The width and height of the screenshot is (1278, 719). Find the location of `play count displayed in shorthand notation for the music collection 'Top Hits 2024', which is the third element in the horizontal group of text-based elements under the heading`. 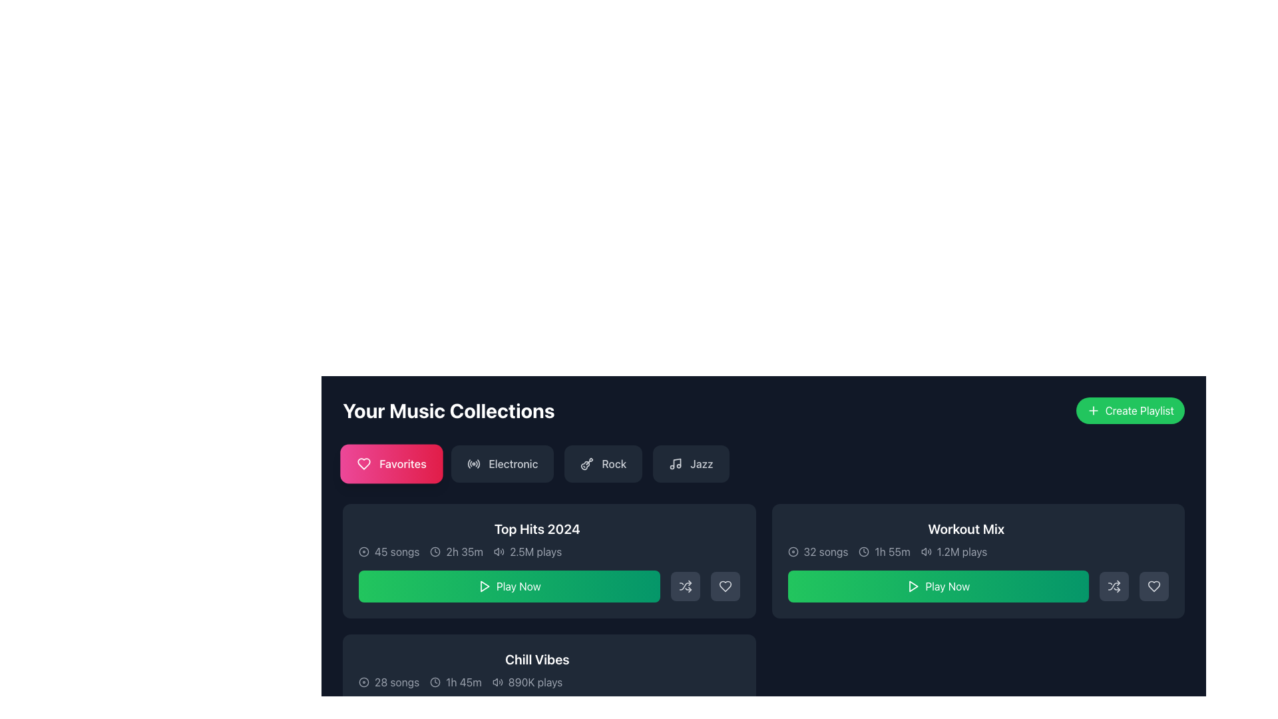

play count displayed in shorthand notation for the music collection 'Top Hits 2024', which is the third element in the horizontal group of text-based elements under the heading is located at coordinates (527, 552).